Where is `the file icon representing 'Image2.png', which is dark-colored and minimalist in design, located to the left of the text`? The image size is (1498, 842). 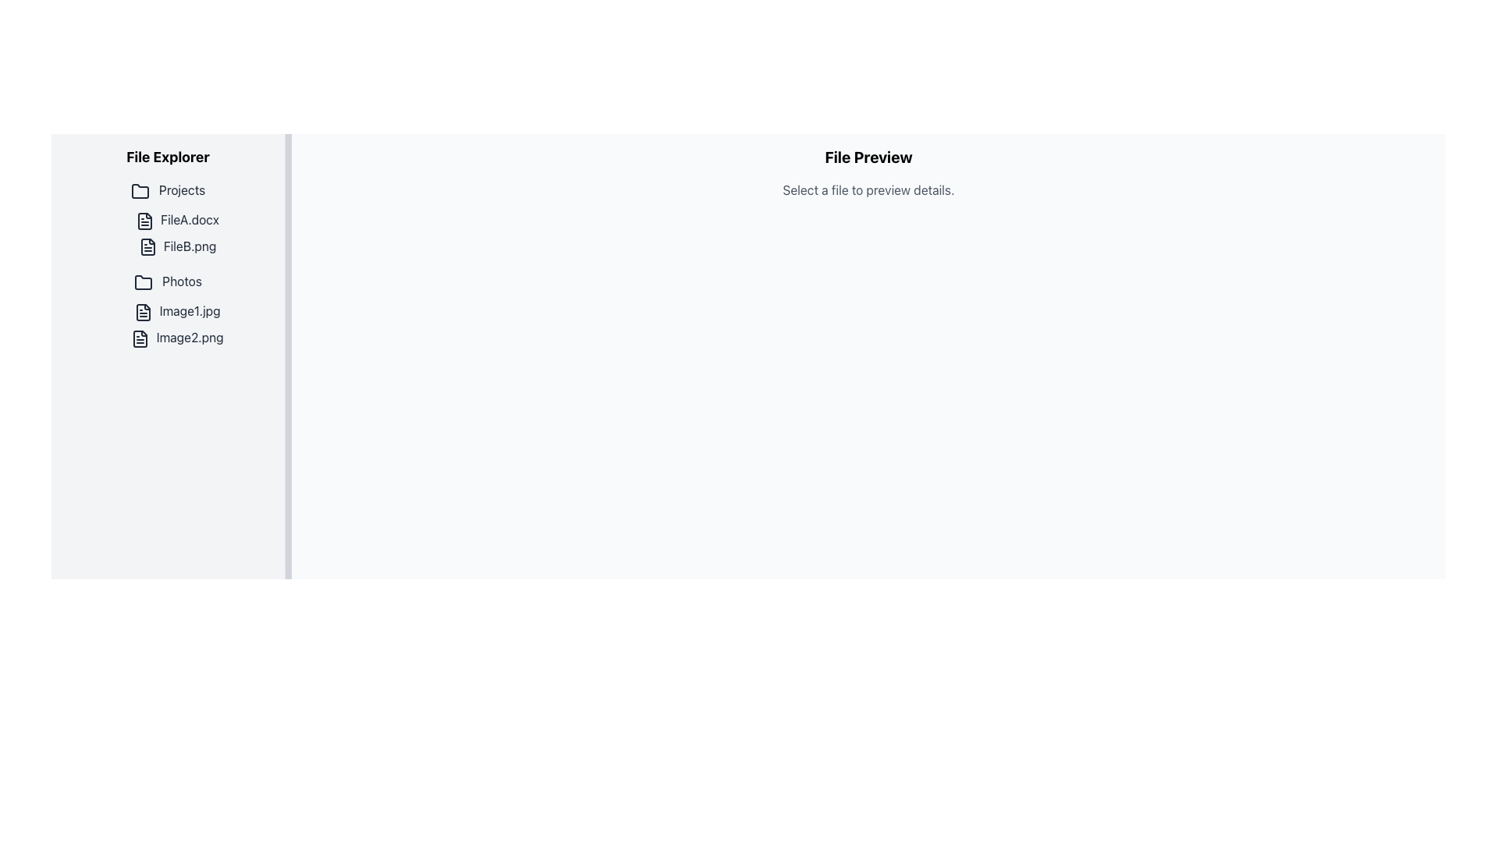
the file icon representing 'Image2.png', which is dark-colored and minimalist in design, located to the left of the text is located at coordinates (140, 338).